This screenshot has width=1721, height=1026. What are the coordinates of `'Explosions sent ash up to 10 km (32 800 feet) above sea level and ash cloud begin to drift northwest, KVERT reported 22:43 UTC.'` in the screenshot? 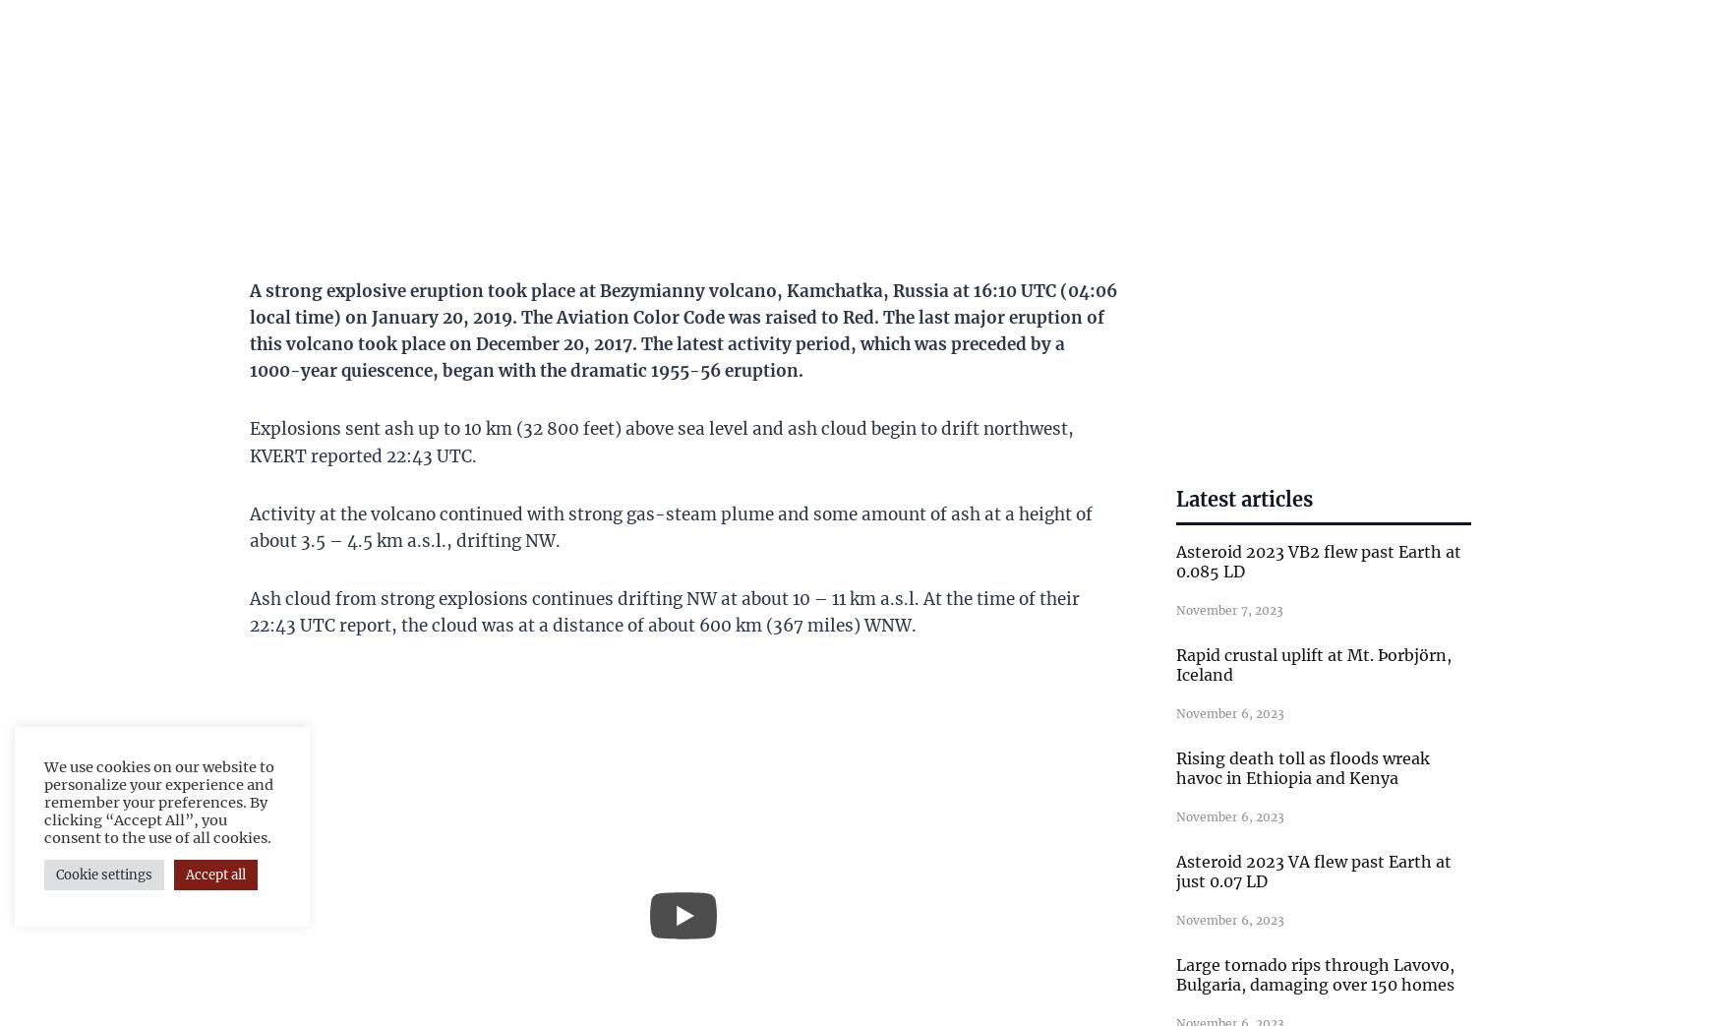 It's located at (248, 441).